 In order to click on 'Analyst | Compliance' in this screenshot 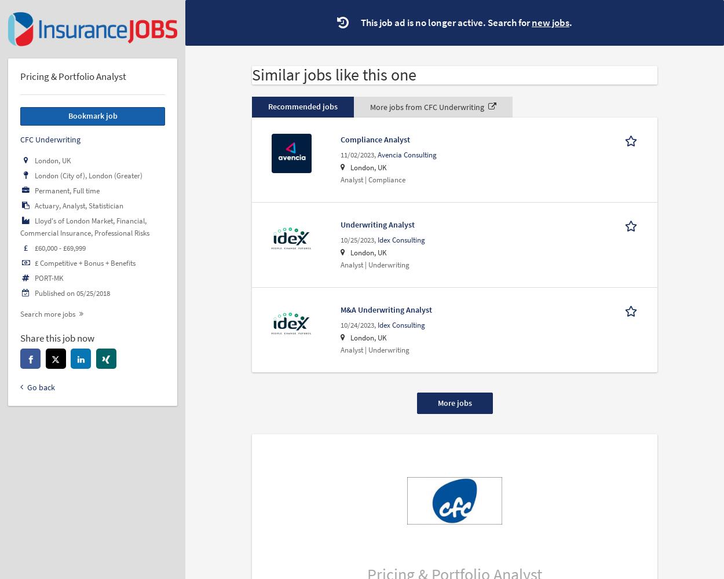, I will do `click(339, 179)`.